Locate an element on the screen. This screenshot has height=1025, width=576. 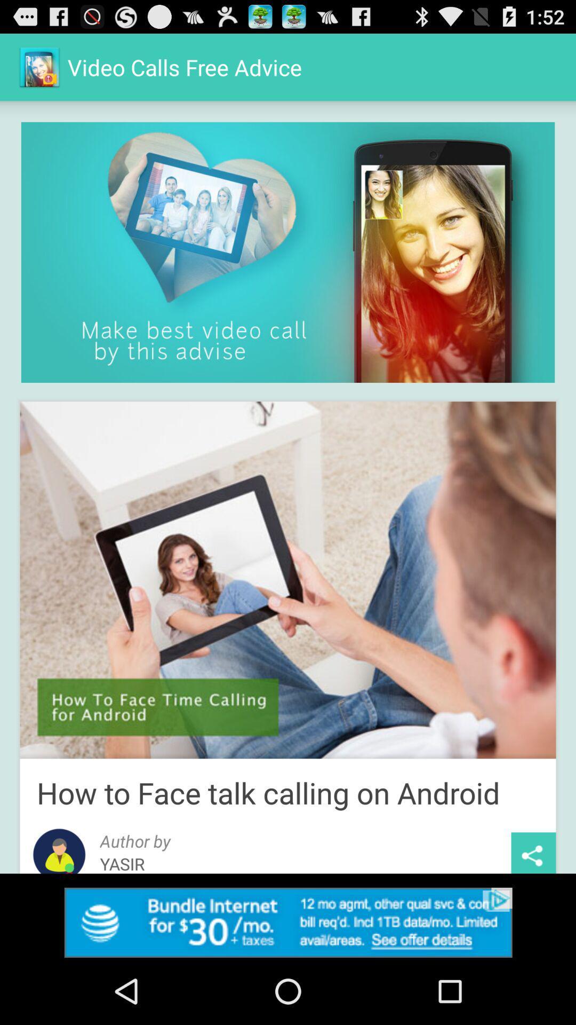
link to advertisement is located at coordinates (288, 922).